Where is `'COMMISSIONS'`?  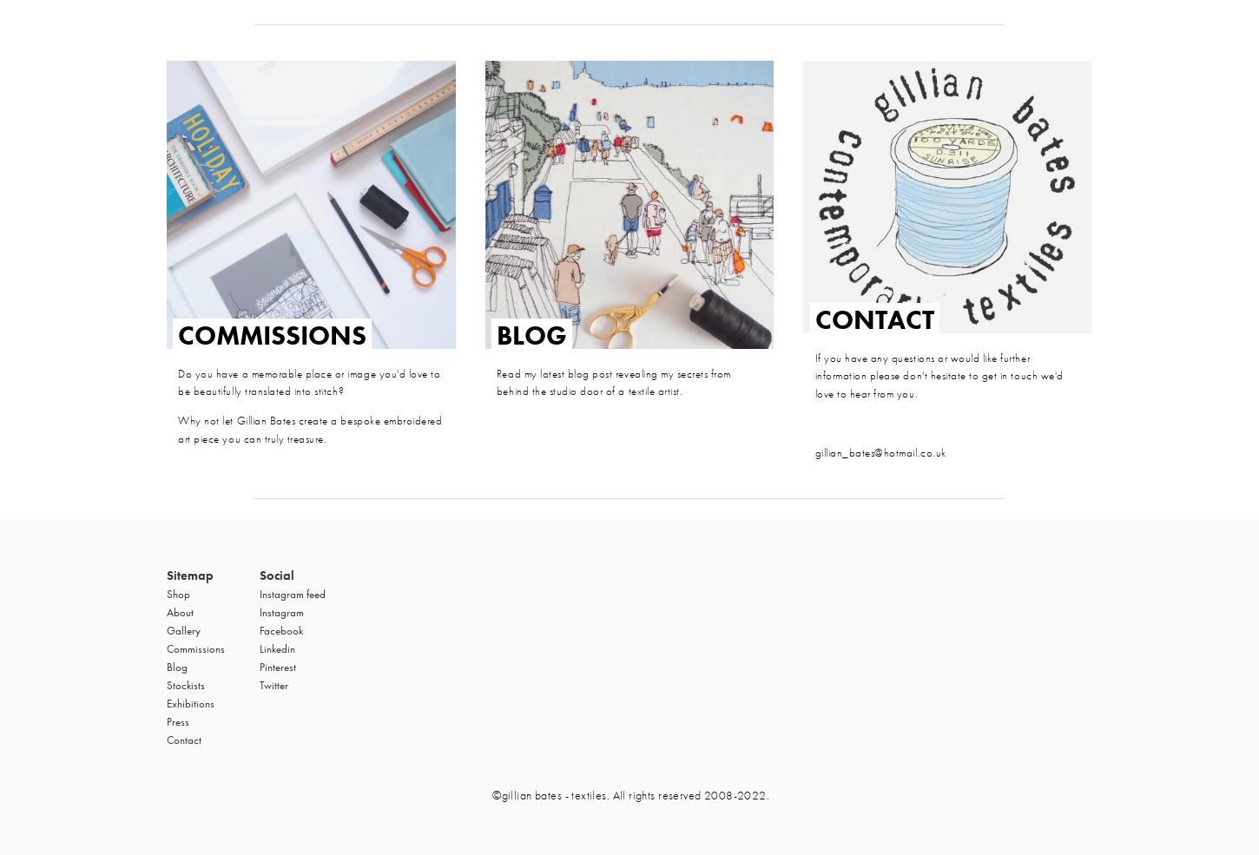
'COMMISSIONS' is located at coordinates (272, 334).